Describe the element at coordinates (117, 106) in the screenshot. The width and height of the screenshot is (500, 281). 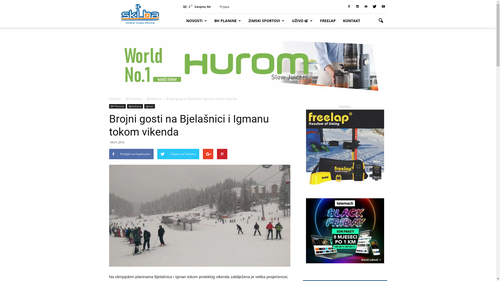
I see `'BH Planine'` at that location.